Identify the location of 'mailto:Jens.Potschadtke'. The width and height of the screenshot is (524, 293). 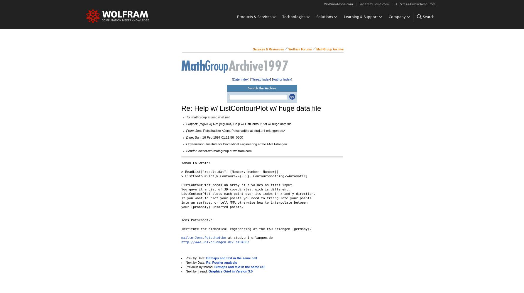
(204, 238).